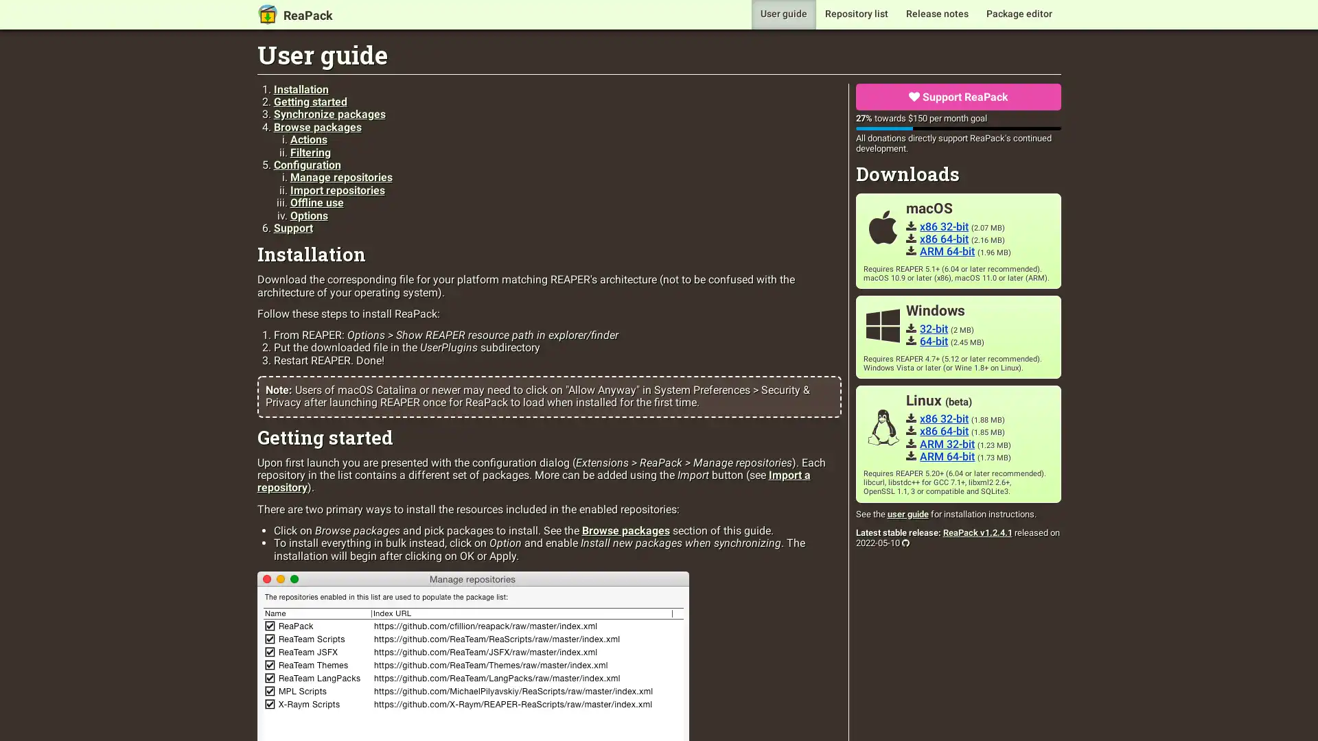  Describe the element at coordinates (957, 95) in the screenshot. I see `Support ReaPack` at that location.